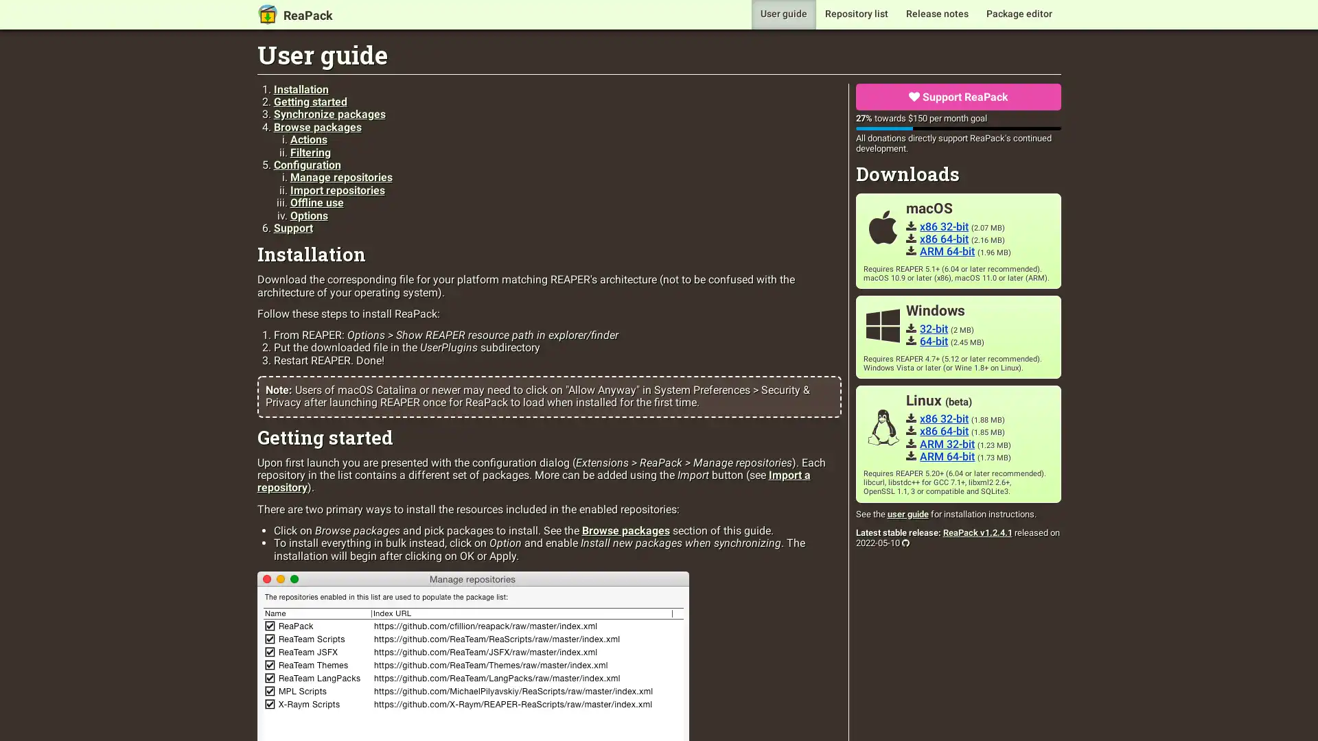  Describe the element at coordinates (957, 95) in the screenshot. I see `Support ReaPack` at that location.